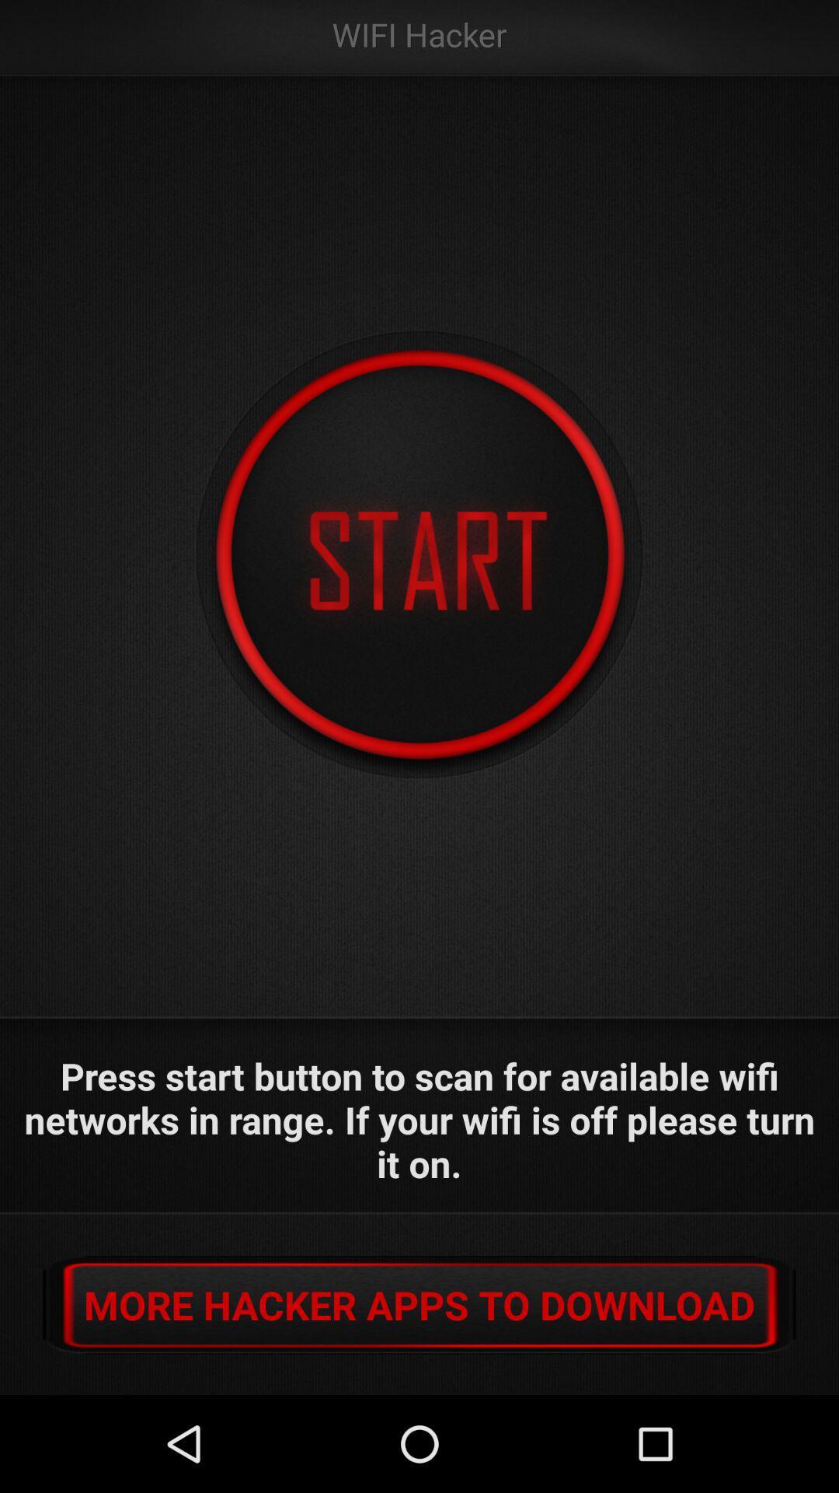 This screenshot has width=839, height=1493. I want to click on start scan, so click(419, 555).